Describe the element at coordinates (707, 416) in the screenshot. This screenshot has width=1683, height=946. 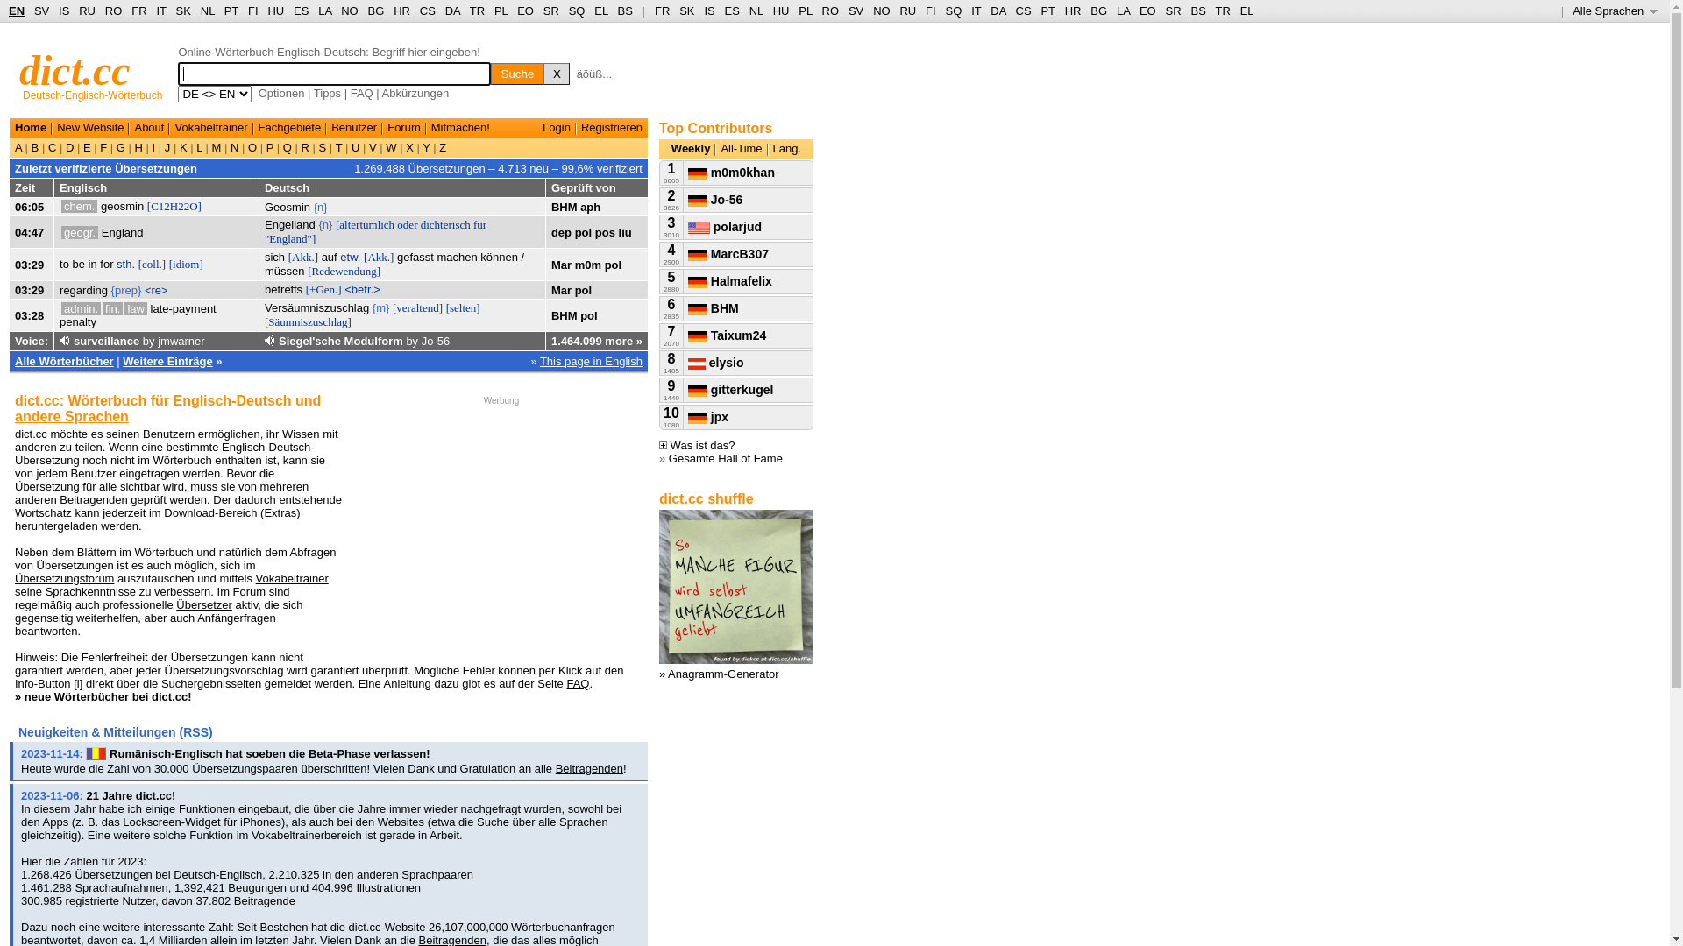
I see `'jpx'` at that location.